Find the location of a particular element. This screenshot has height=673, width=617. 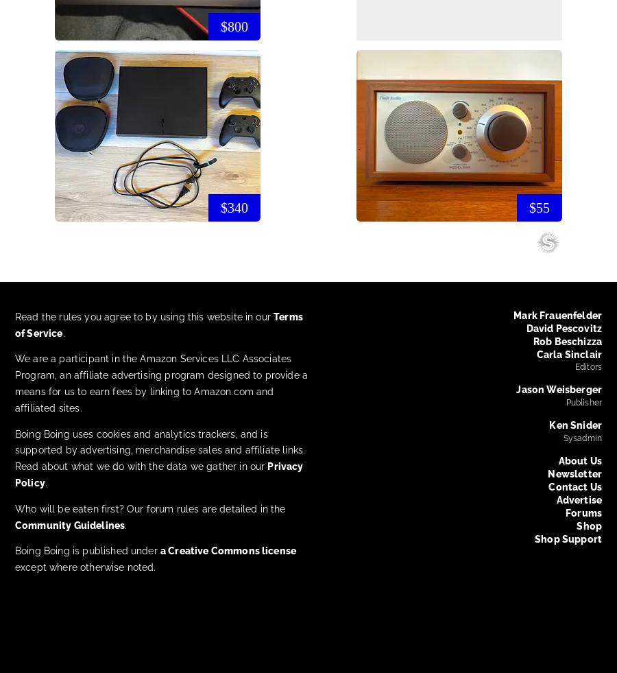

'Read the rules you agree to by using this website in our' is located at coordinates (144, 315).